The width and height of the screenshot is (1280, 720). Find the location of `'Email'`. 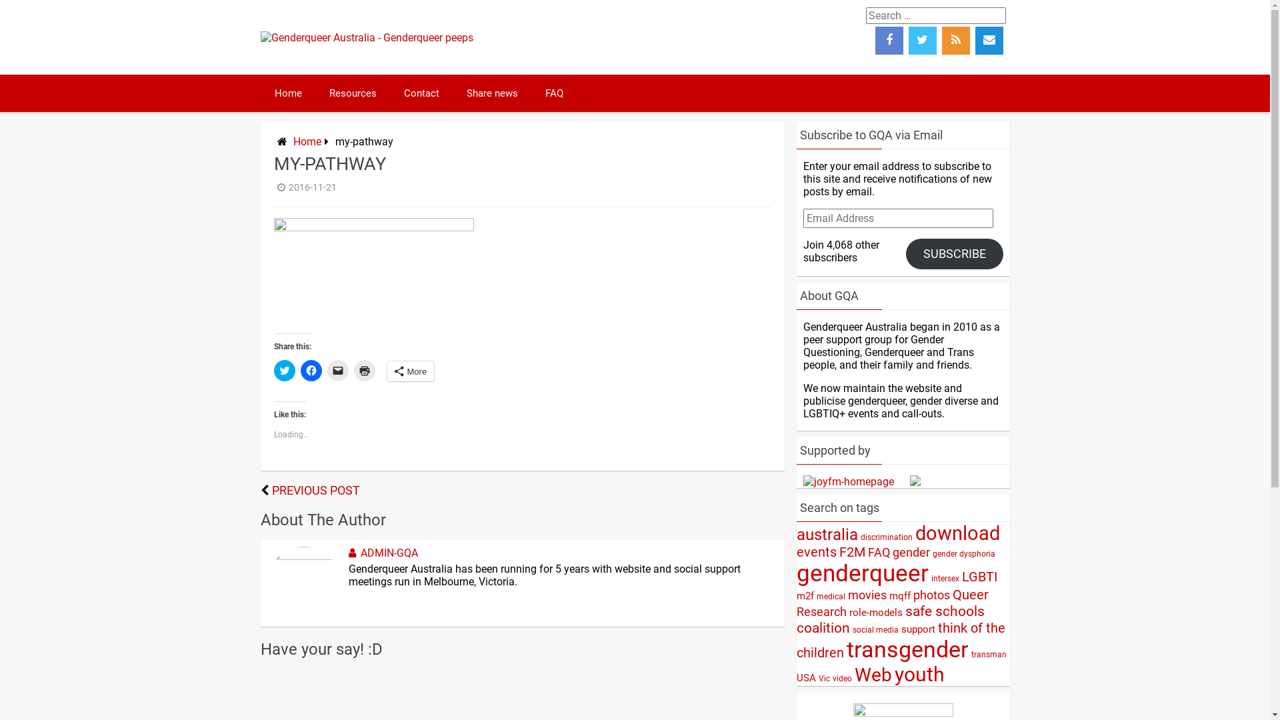

'Email' is located at coordinates (989, 40).